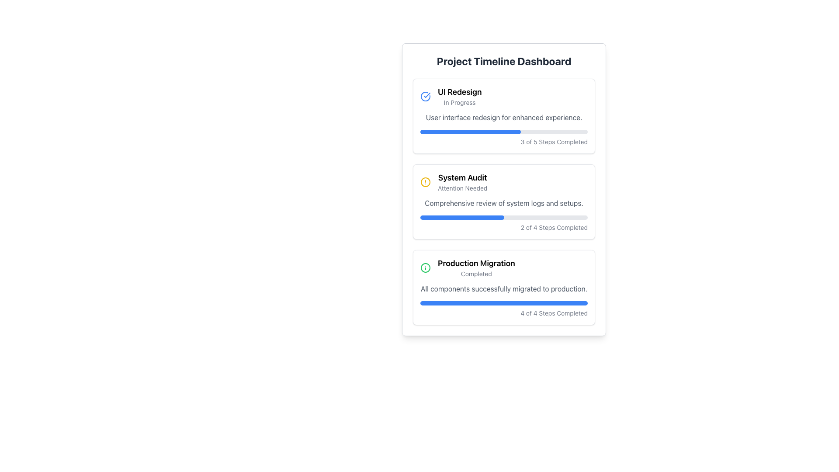 This screenshot has width=839, height=472. Describe the element at coordinates (462, 181) in the screenshot. I see `'System Audit' title and 'Attention Needed' subtitle from the second title and subtitle pair in the vertical list of task cards on the Project Timeline Dashboard` at that location.